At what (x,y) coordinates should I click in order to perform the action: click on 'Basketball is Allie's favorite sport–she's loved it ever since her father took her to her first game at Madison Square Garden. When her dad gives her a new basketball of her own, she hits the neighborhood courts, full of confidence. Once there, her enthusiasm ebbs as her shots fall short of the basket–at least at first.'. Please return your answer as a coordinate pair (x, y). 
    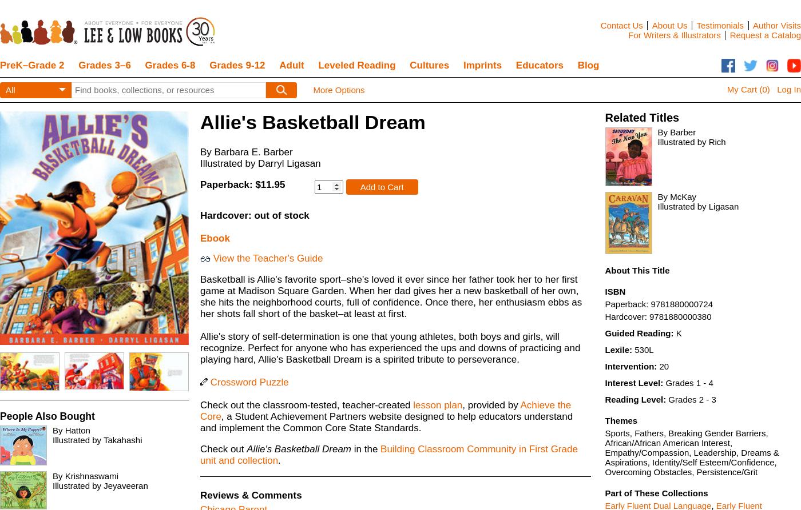
    Looking at the image, I should click on (391, 296).